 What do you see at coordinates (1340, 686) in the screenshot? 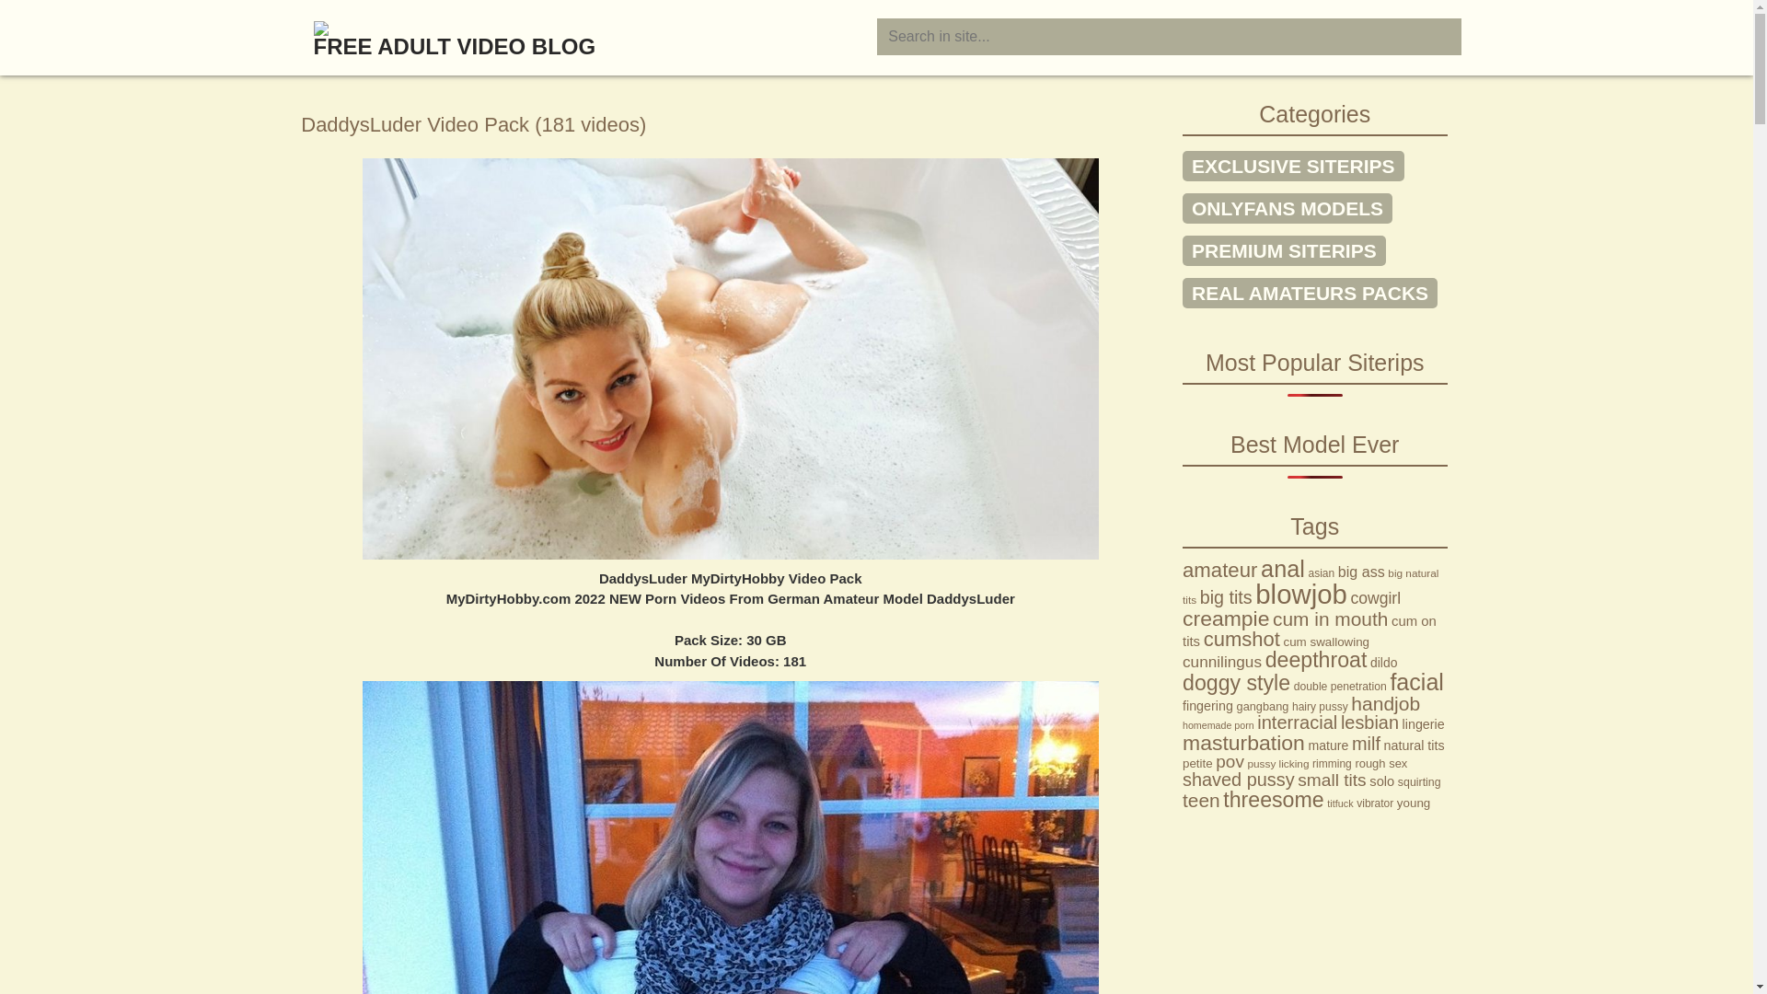
I see `'double penetration'` at bounding box center [1340, 686].